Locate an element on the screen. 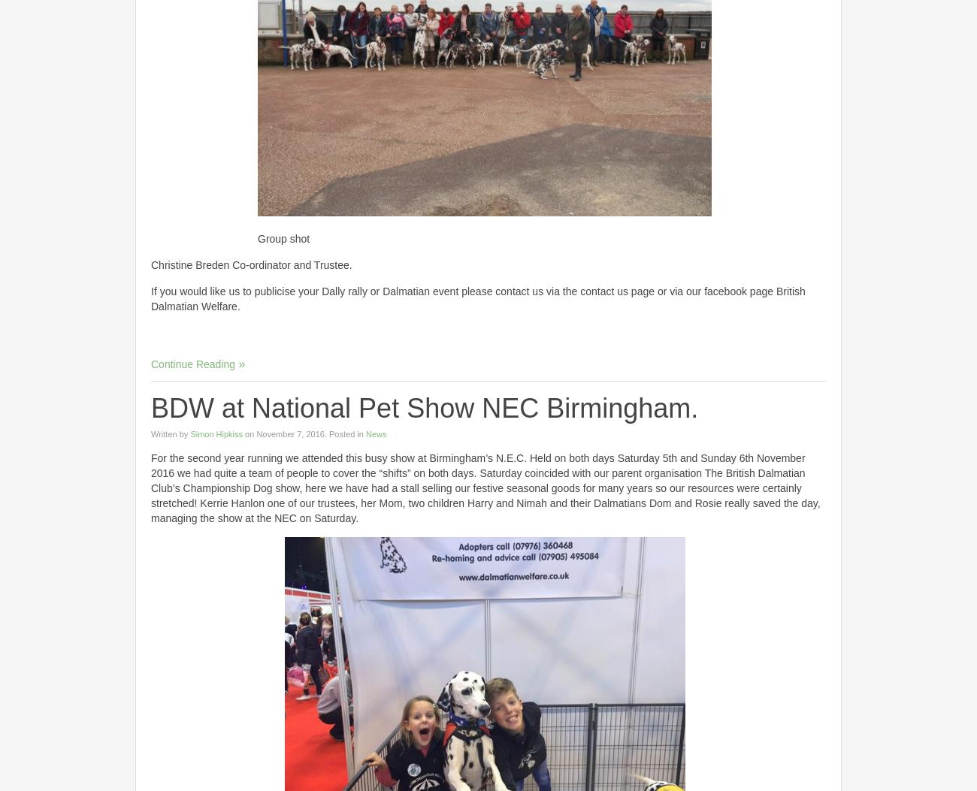 This screenshot has width=977, height=791. 'on' is located at coordinates (249, 433).